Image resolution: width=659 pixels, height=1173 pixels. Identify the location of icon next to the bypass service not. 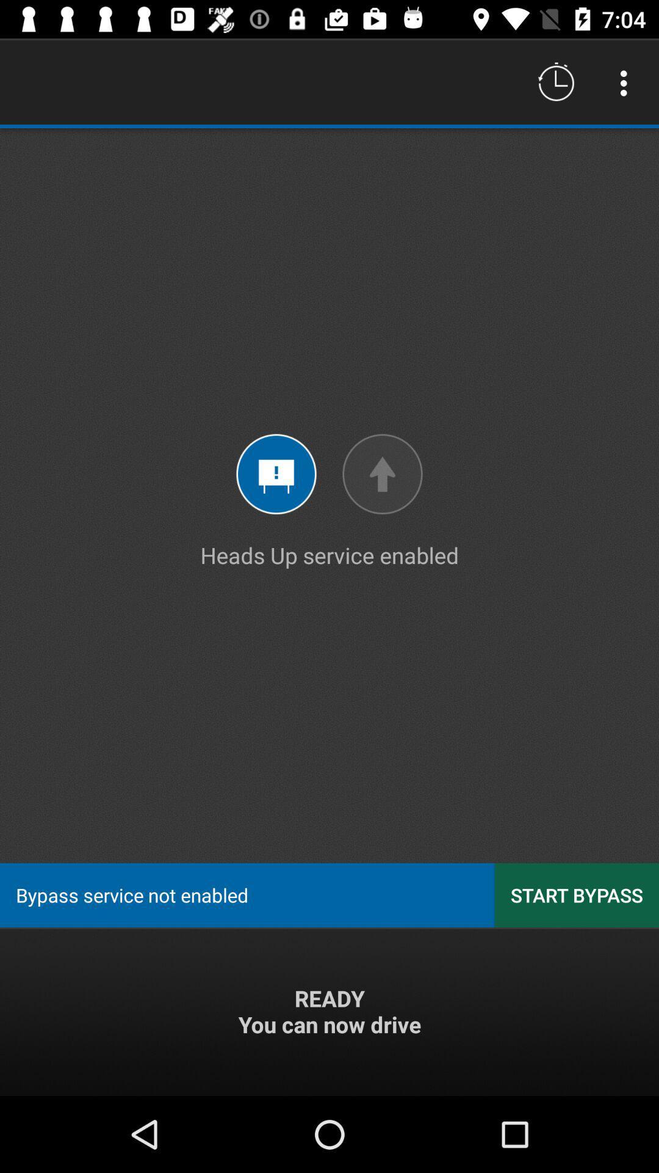
(577, 895).